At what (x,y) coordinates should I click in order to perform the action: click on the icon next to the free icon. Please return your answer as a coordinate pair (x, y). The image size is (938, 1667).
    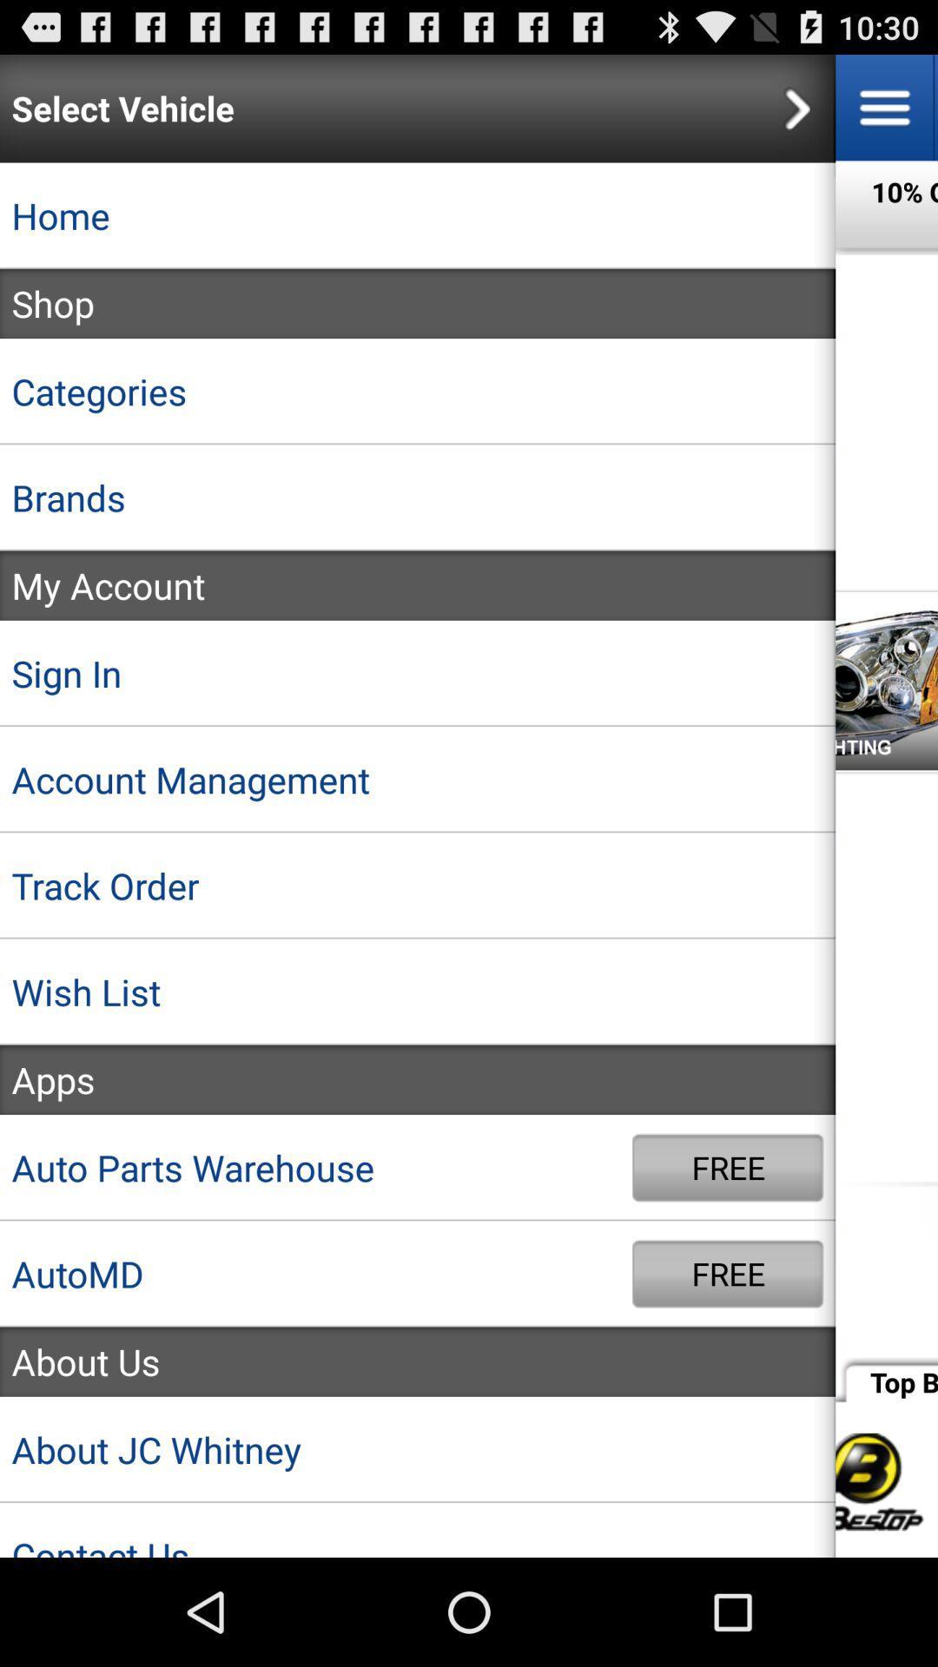
    Looking at the image, I should click on (316, 1168).